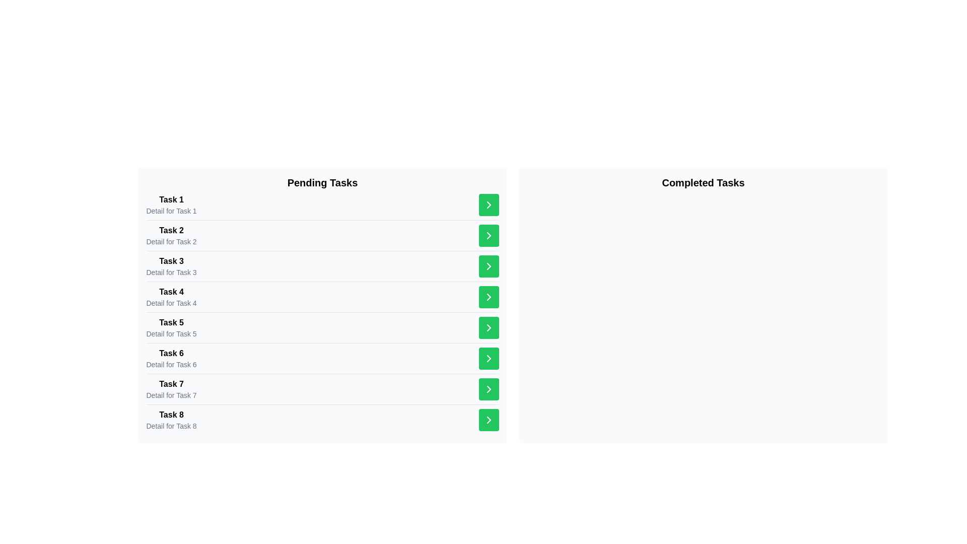 This screenshot has width=967, height=544. Describe the element at coordinates (489, 328) in the screenshot. I see `the rightward-pointing chevron icon within the green circular button associated with 'Task 6'` at that location.